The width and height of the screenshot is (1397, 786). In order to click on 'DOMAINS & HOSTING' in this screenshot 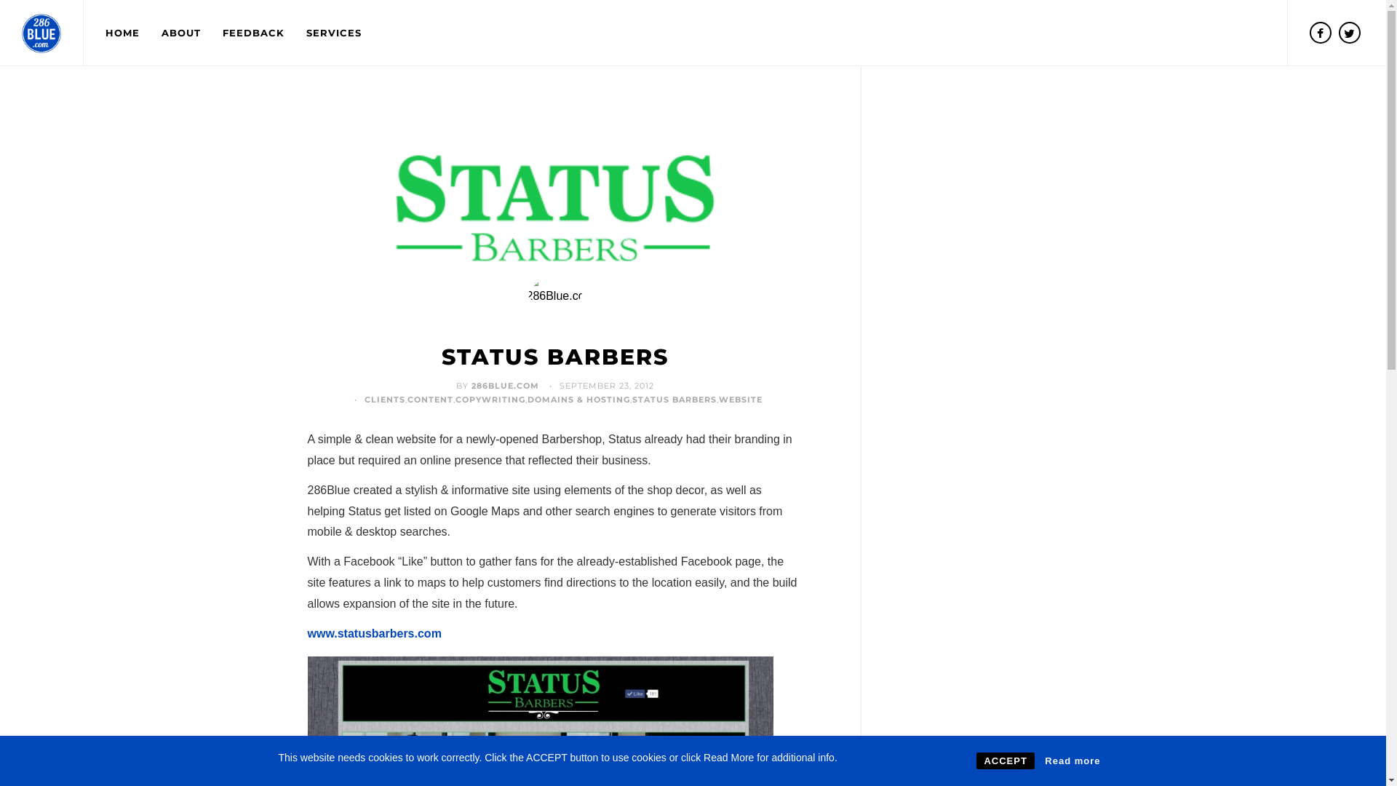, I will do `click(578, 399)`.